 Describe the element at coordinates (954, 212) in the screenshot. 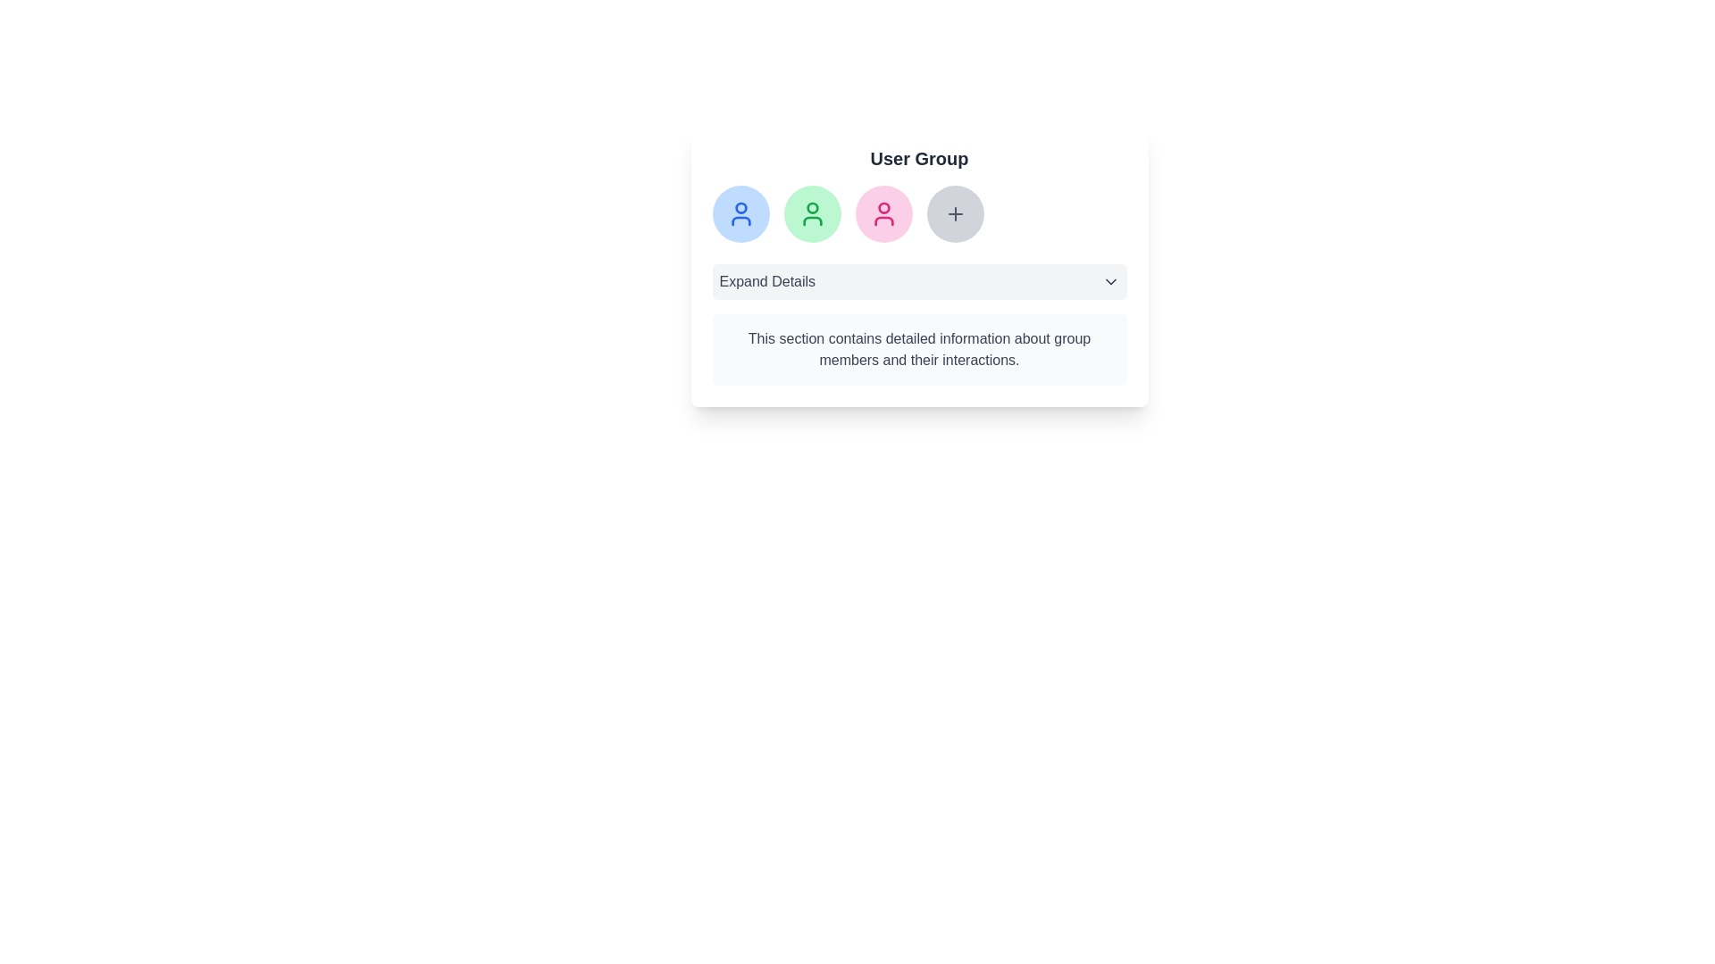

I see `the circular button with a light gray background and a black plus icon` at that location.